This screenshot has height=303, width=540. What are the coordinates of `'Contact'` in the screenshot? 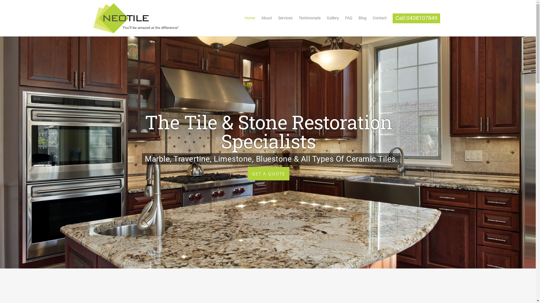 It's located at (379, 19).